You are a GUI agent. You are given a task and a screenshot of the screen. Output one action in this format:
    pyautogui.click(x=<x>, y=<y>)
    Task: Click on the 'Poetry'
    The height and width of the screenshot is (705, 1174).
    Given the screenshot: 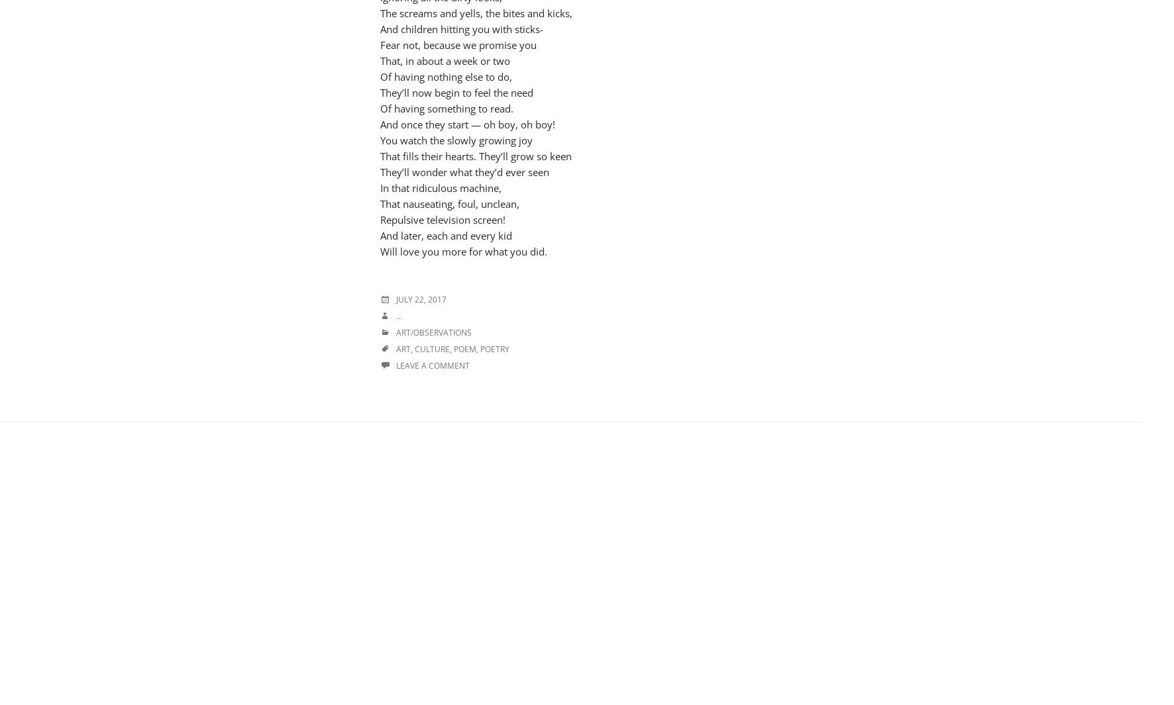 What is the action you would take?
    pyautogui.click(x=494, y=348)
    